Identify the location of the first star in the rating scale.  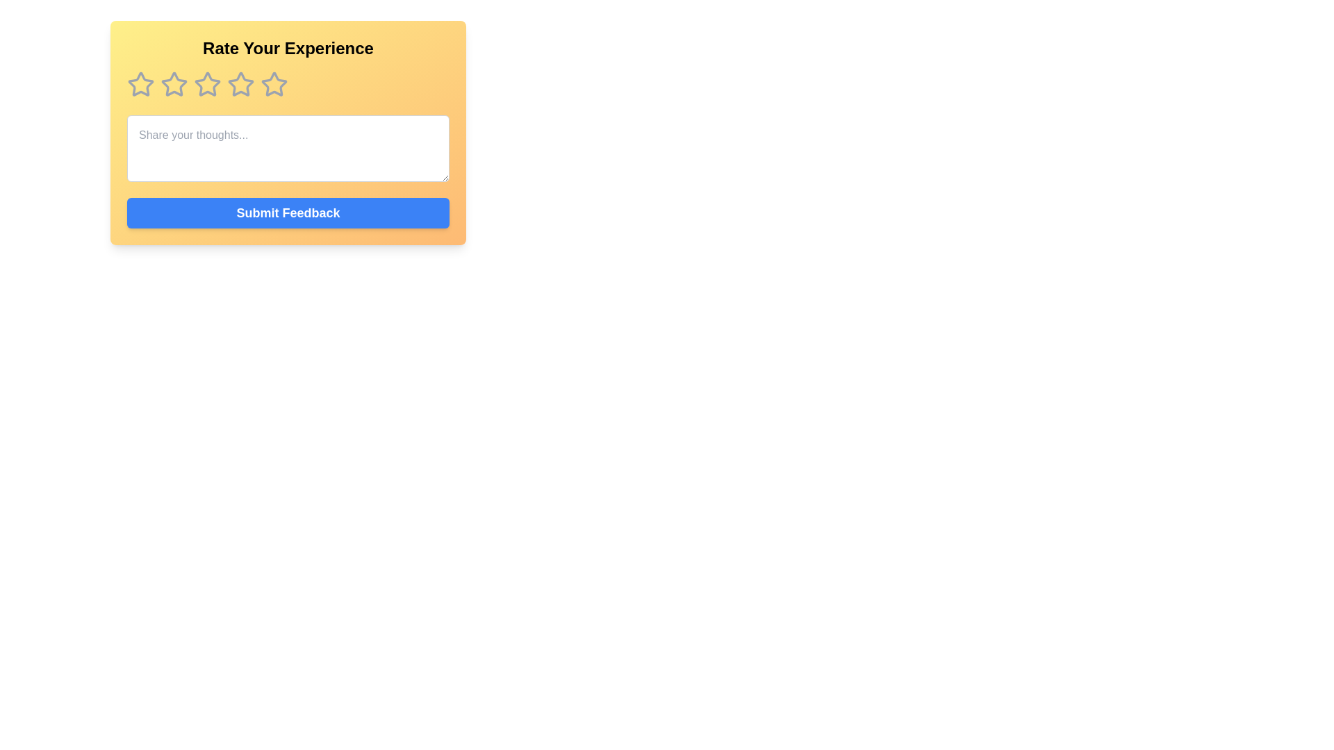
(173, 84).